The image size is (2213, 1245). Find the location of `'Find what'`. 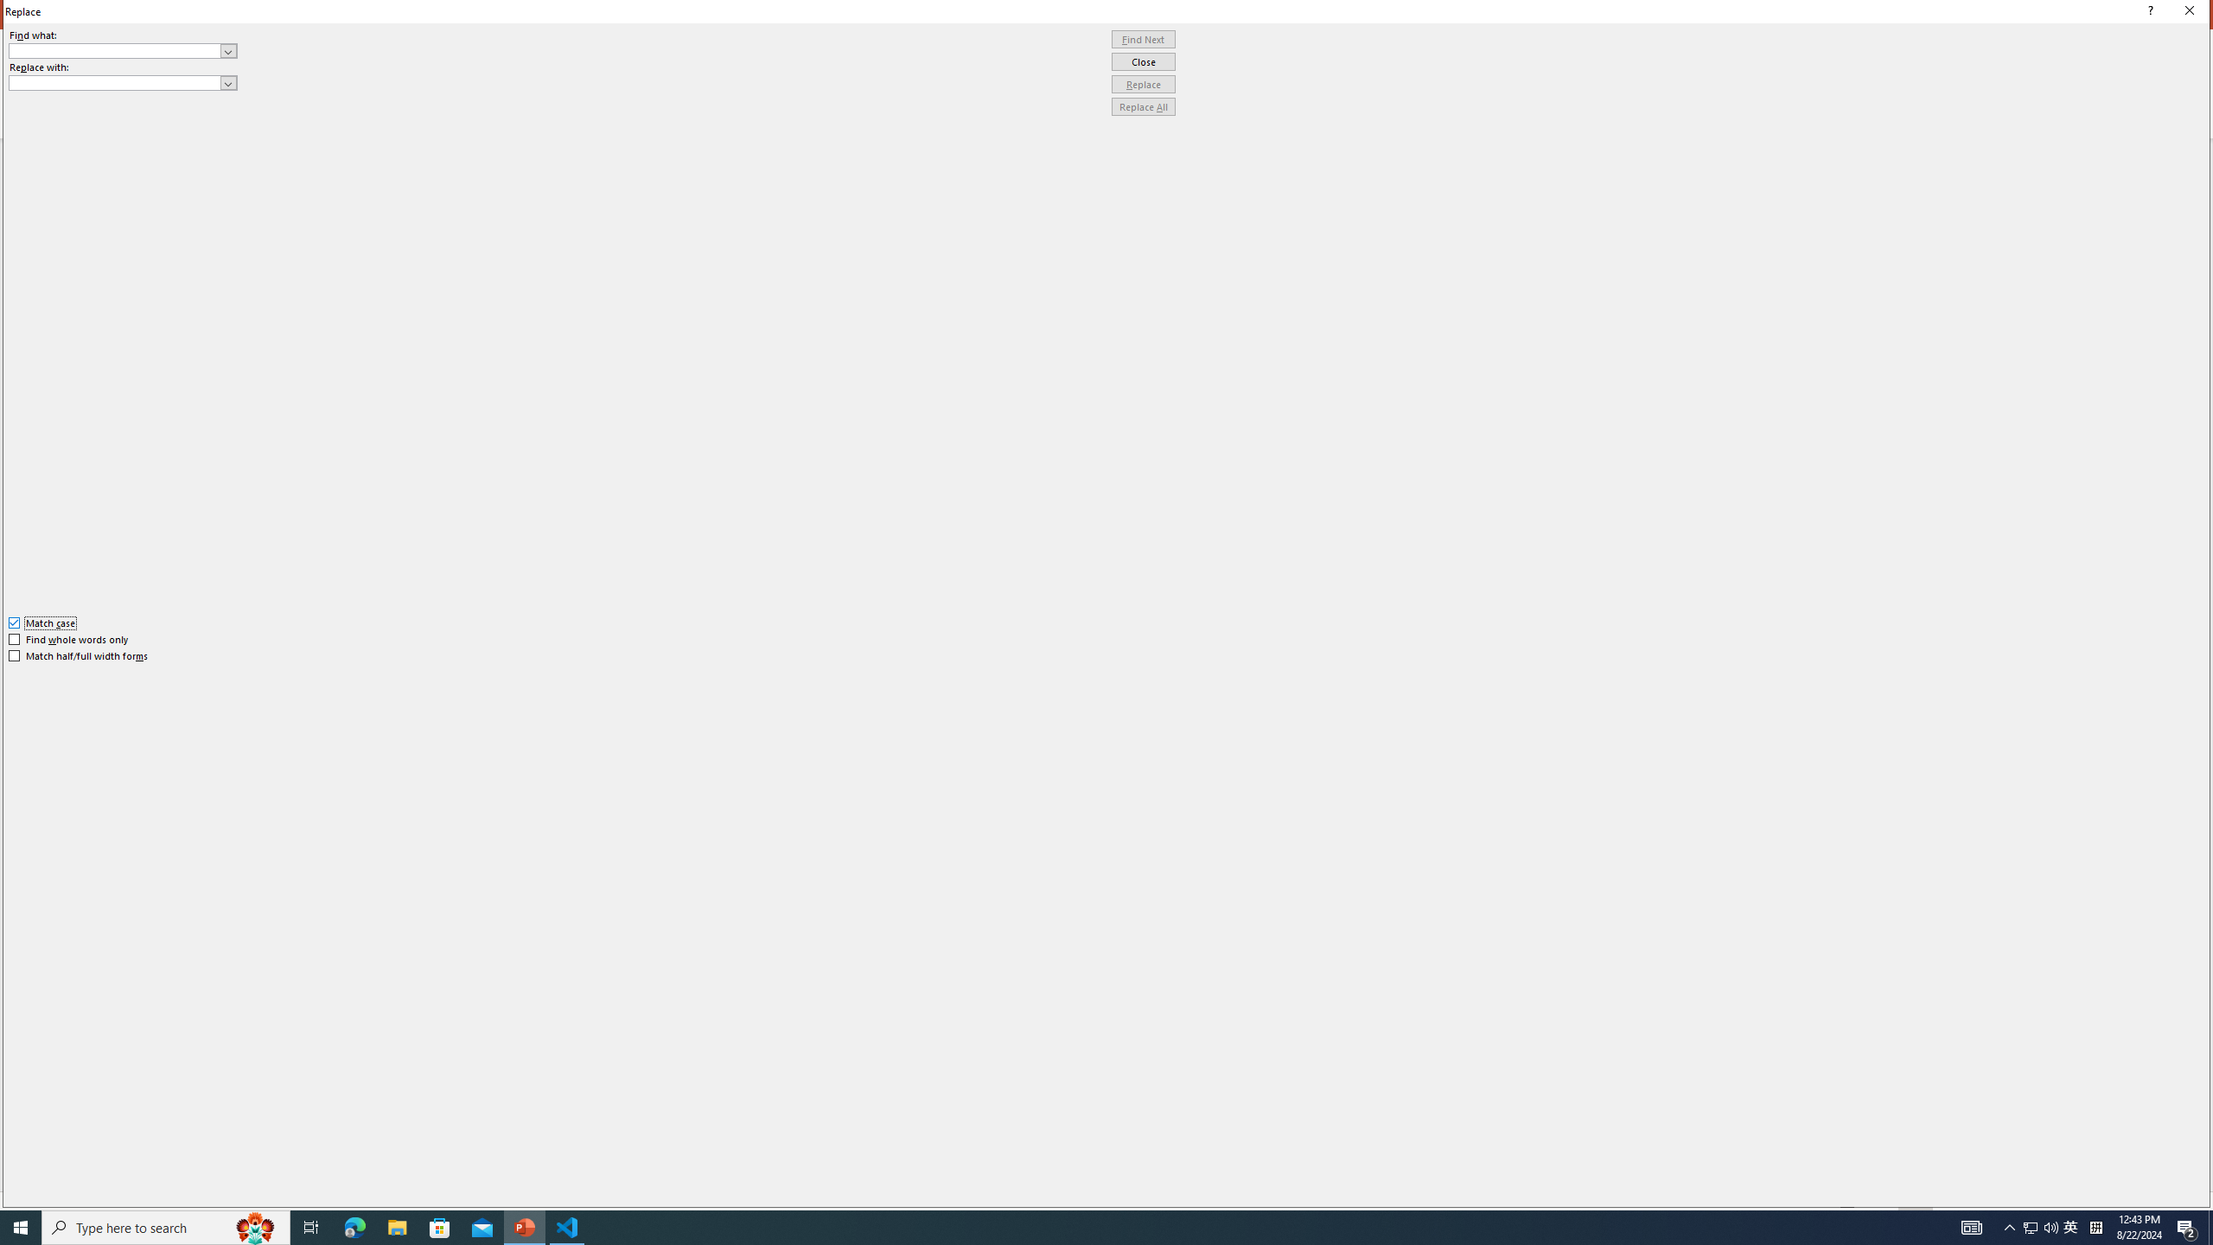

'Find what' is located at coordinates (123, 50).